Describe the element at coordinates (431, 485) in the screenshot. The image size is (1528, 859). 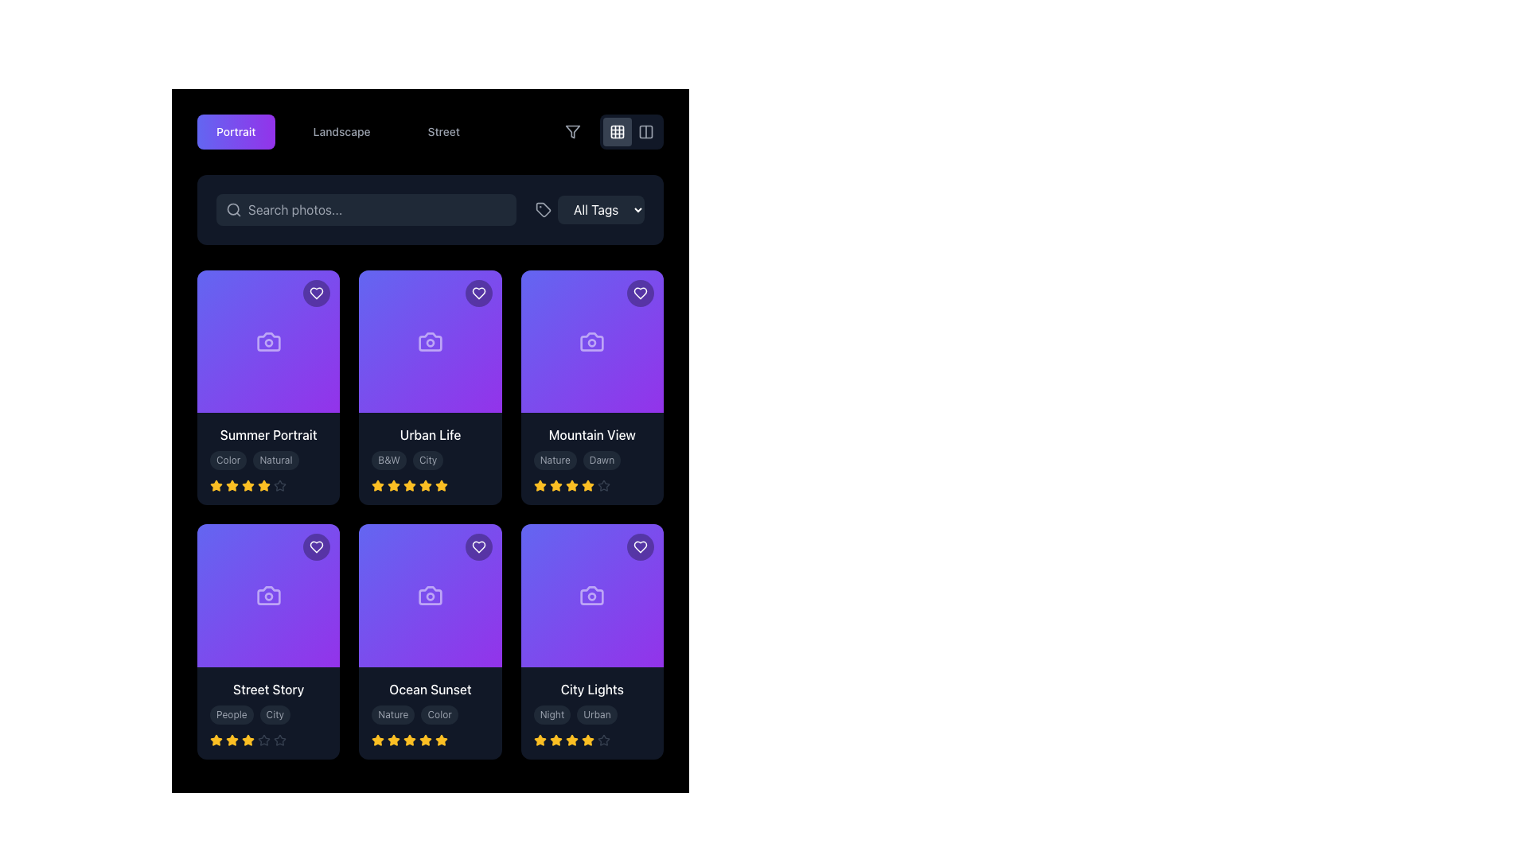
I see `the specific star in the Rating indicator element of the 'Urban Life' card to interact with the rating system` at that location.